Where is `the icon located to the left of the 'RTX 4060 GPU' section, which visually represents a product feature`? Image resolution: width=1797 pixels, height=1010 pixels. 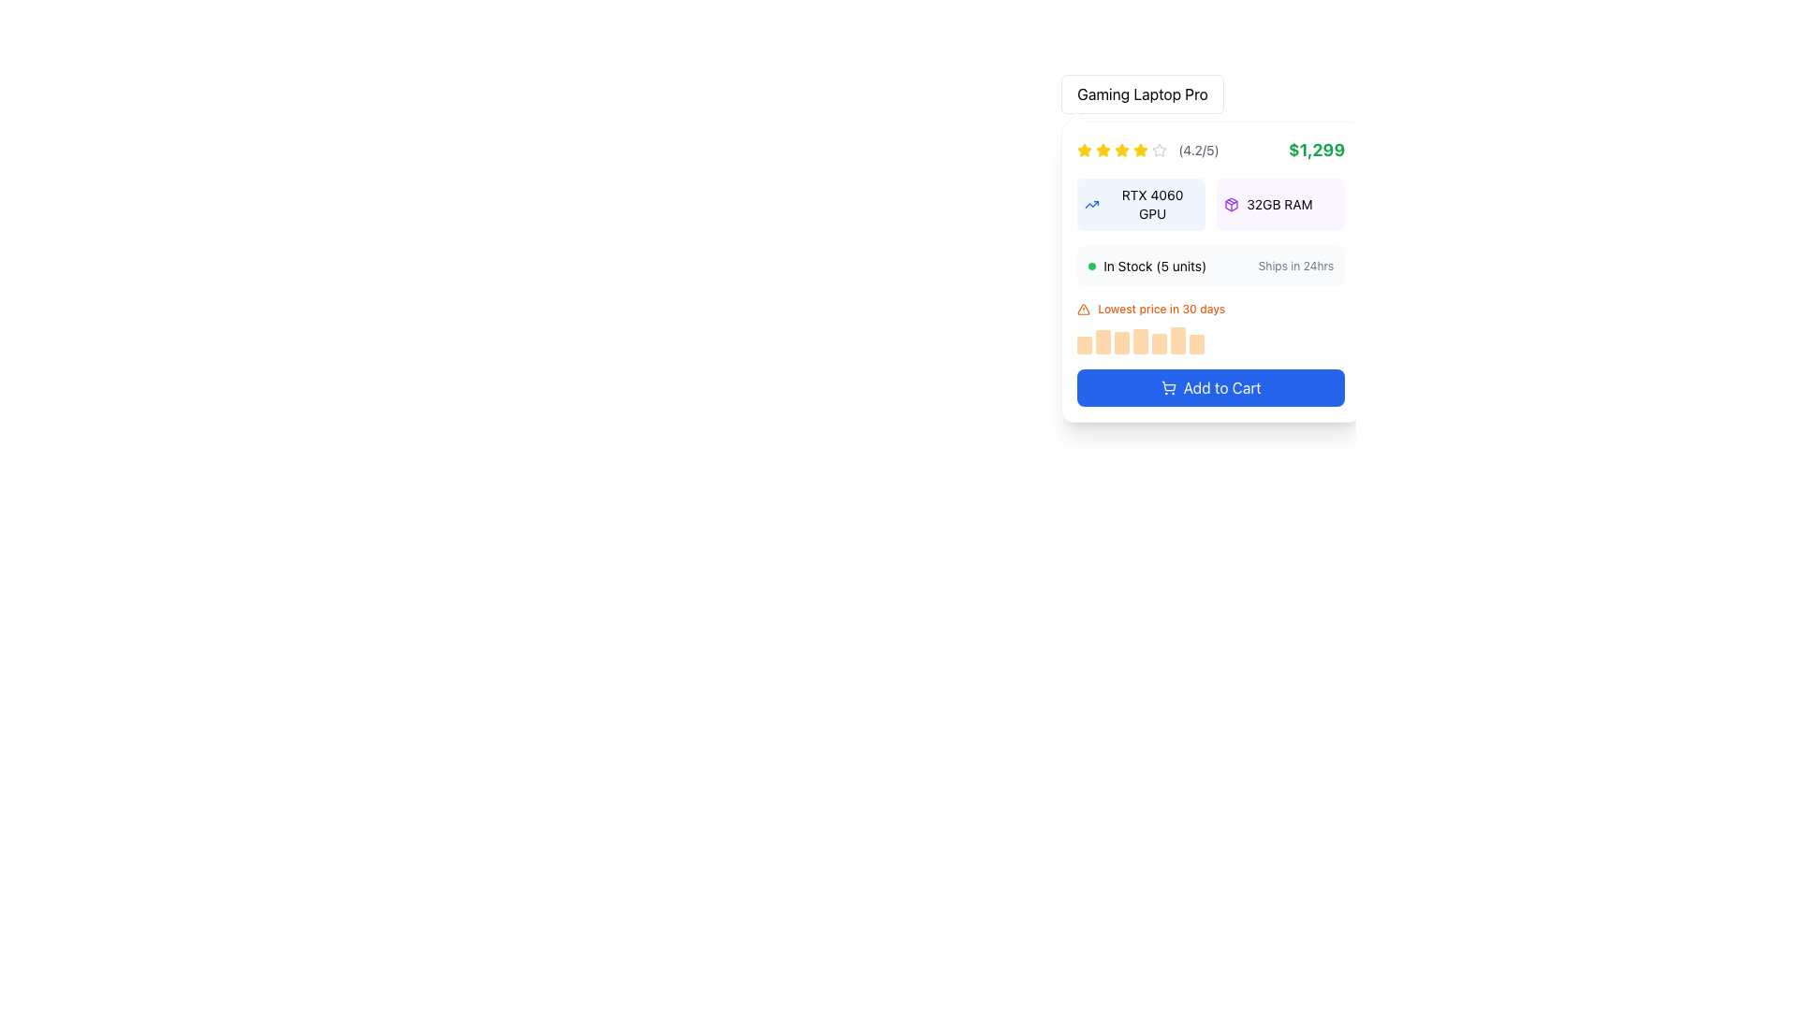 the icon located to the left of the 'RTX 4060 GPU' section, which visually represents a product feature is located at coordinates (1092, 205).